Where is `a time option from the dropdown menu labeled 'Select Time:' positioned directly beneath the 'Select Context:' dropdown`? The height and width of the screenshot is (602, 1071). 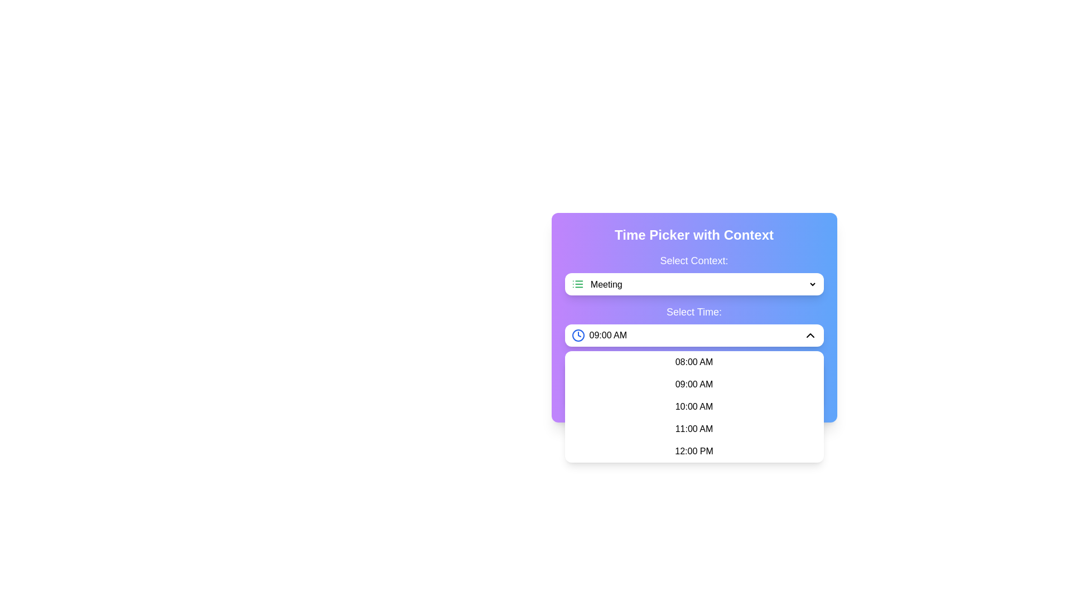 a time option from the dropdown menu labeled 'Select Time:' positioned directly beneath the 'Select Context:' dropdown is located at coordinates (693, 325).